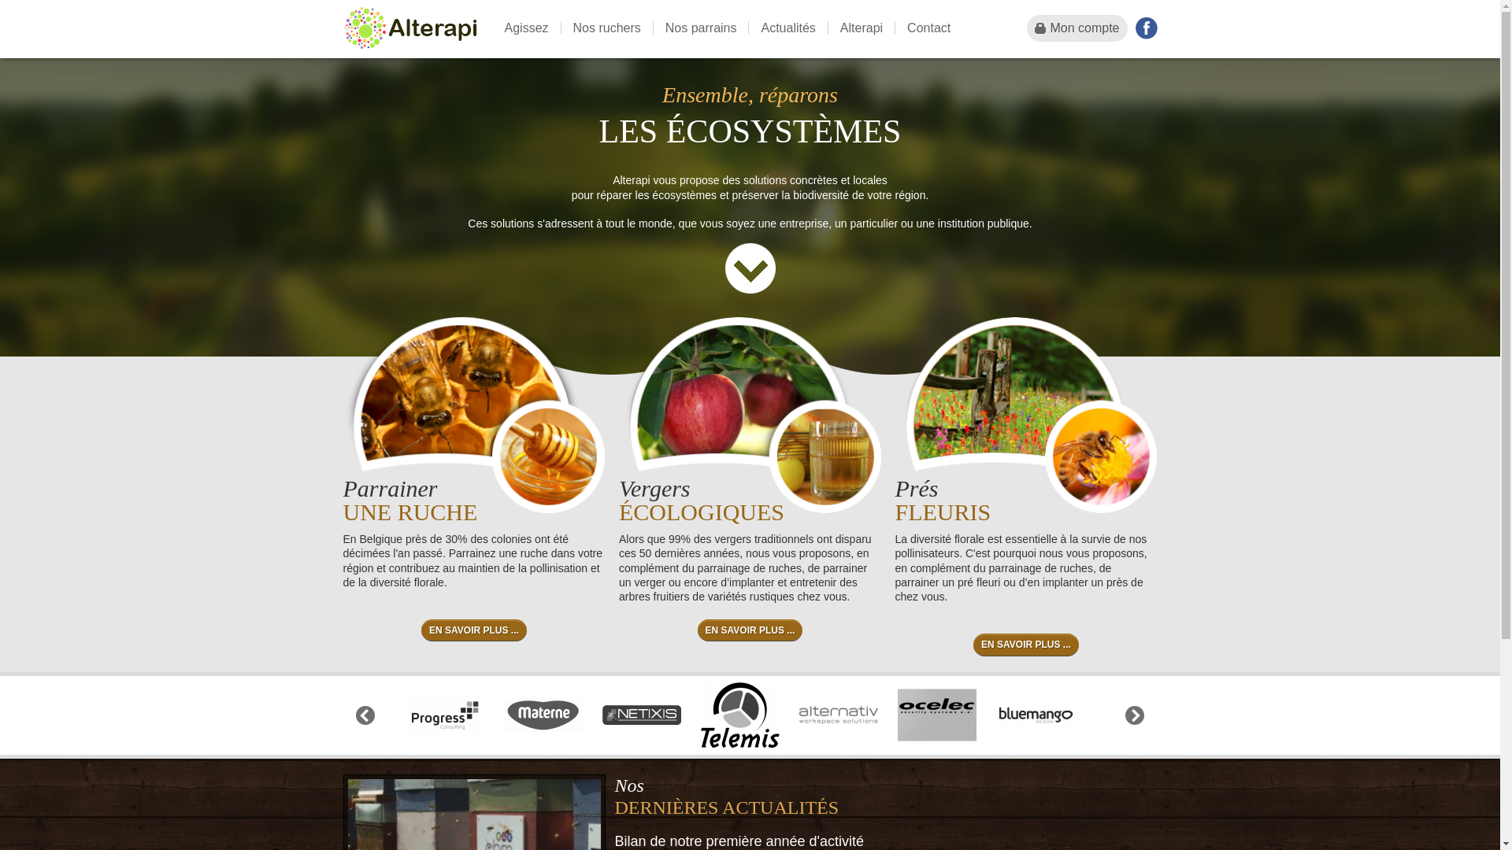  I want to click on 'ocelec-security-systems-sa', so click(898, 715).